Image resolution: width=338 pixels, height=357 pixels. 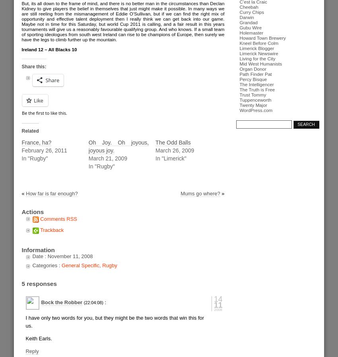 What do you see at coordinates (49, 48) in the screenshot?
I see `'Ireland 12 – All Blacks 10'` at bounding box center [49, 48].